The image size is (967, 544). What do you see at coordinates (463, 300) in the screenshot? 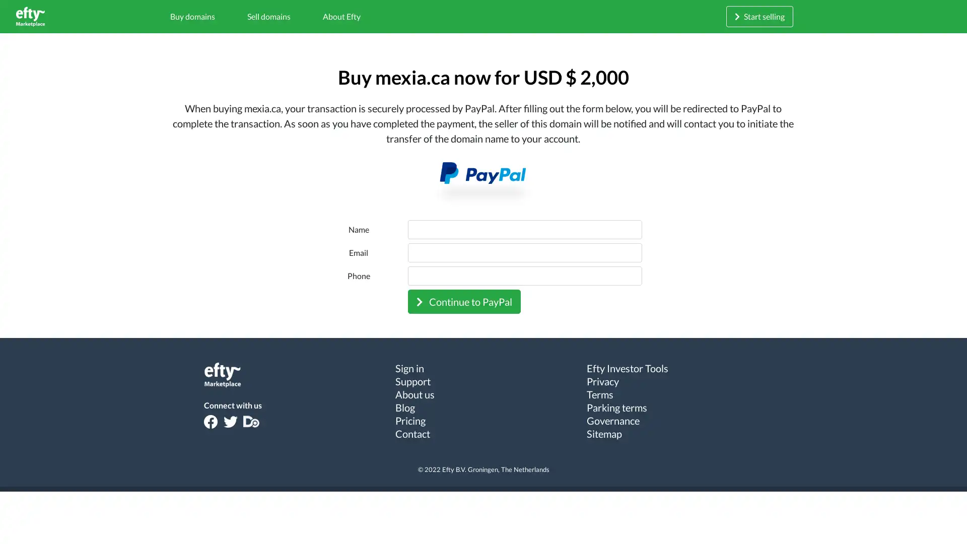
I see `Continue to PayPal` at bounding box center [463, 300].